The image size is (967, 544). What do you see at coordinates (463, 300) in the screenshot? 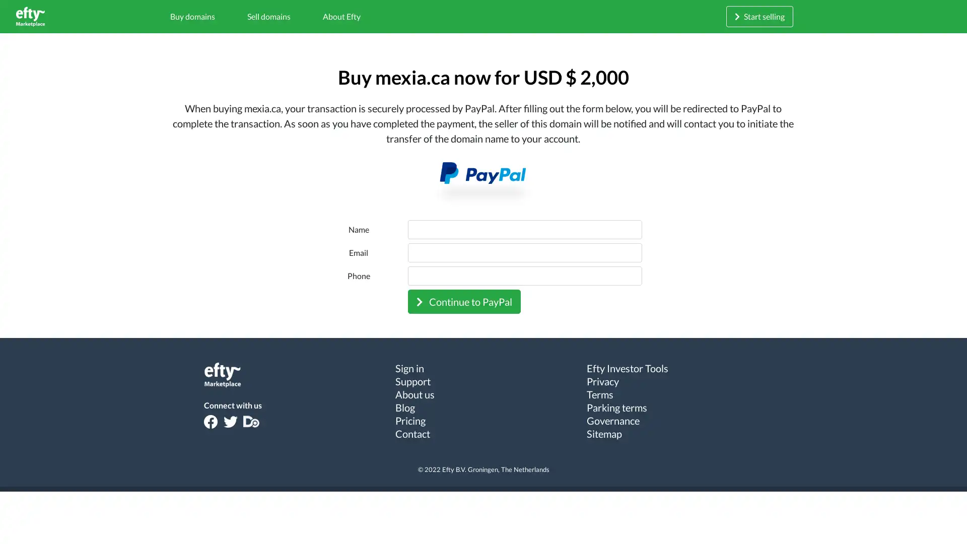
I see `Continue to PayPal` at bounding box center [463, 300].